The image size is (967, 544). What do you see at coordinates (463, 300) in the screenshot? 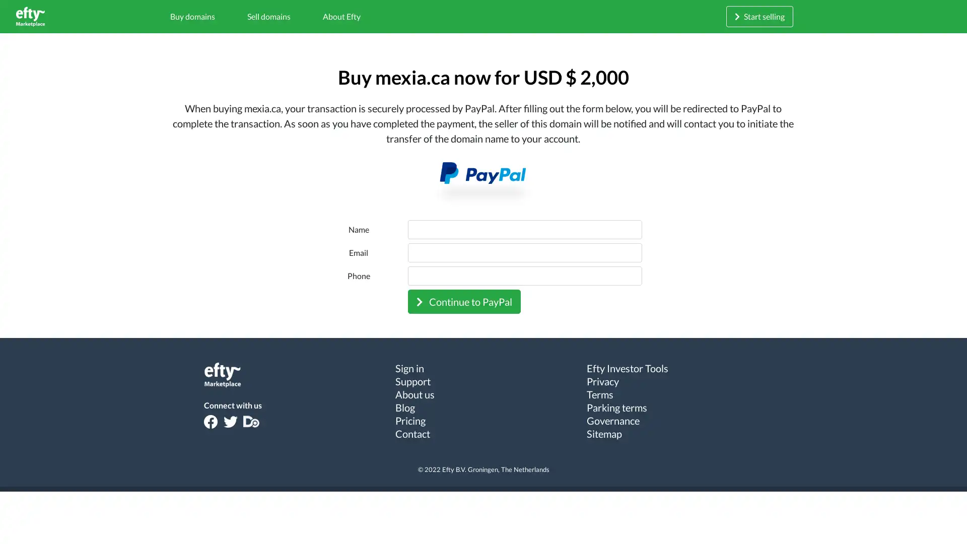
I see `Continue to PayPal` at bounding box center [463, 300].